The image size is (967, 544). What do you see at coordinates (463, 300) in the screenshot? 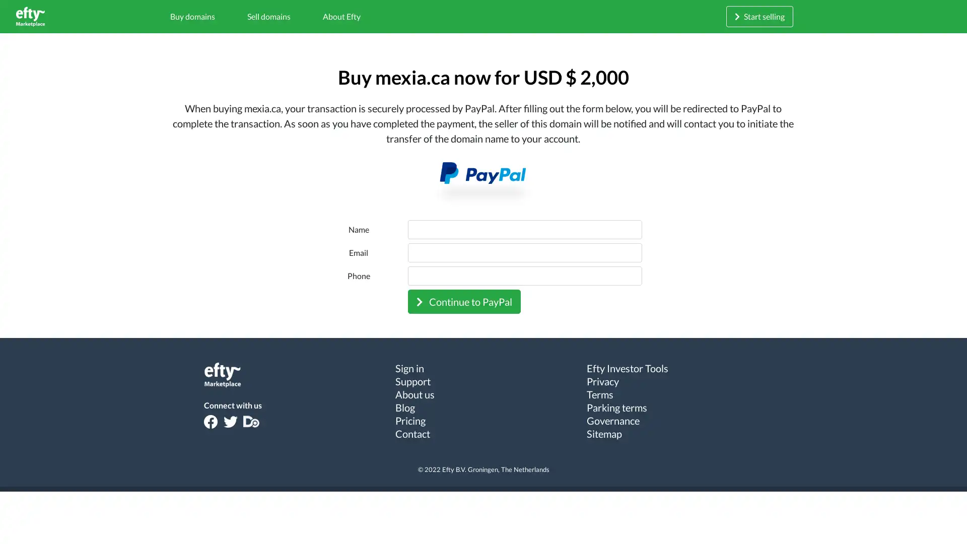
I see `Continue to PayPal` at bounding box center [463, 300].